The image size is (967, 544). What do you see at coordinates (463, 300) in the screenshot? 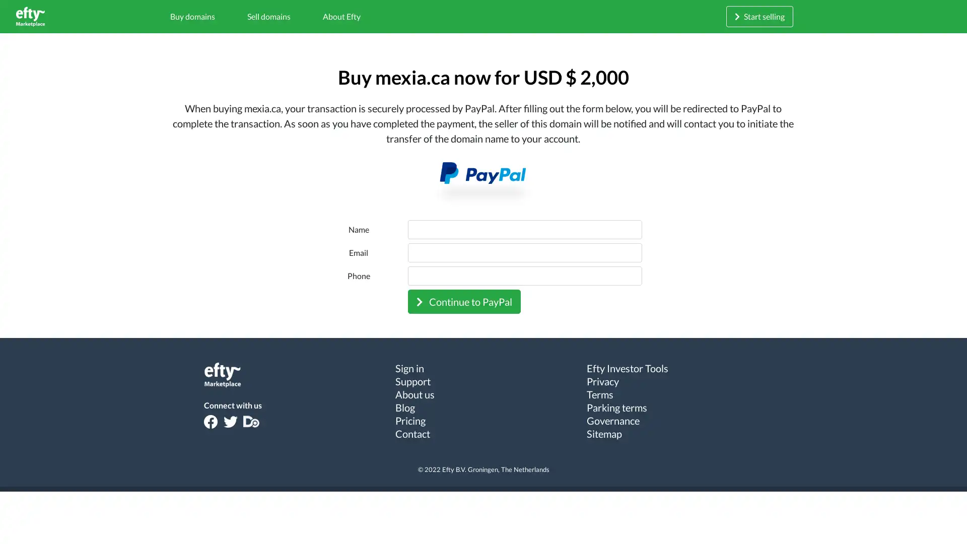
I see `Continue to PayPal` at bounding box center [463, 300].